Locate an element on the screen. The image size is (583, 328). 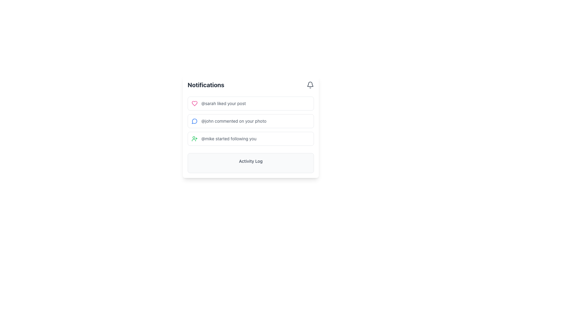
the heart-shaped icon with a red fill located in the notification section, part of the first notification stating '@sarah liked your post' is located at coordinates (195, 103).